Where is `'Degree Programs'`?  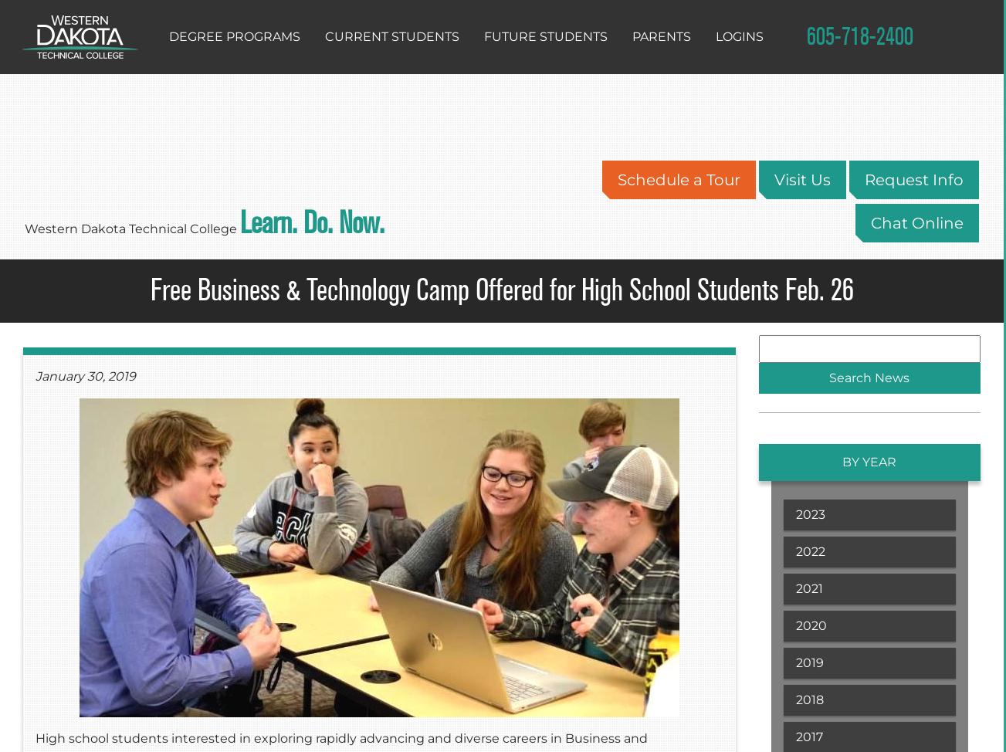 'Degree Programs' is located at coordinates (234, 36).